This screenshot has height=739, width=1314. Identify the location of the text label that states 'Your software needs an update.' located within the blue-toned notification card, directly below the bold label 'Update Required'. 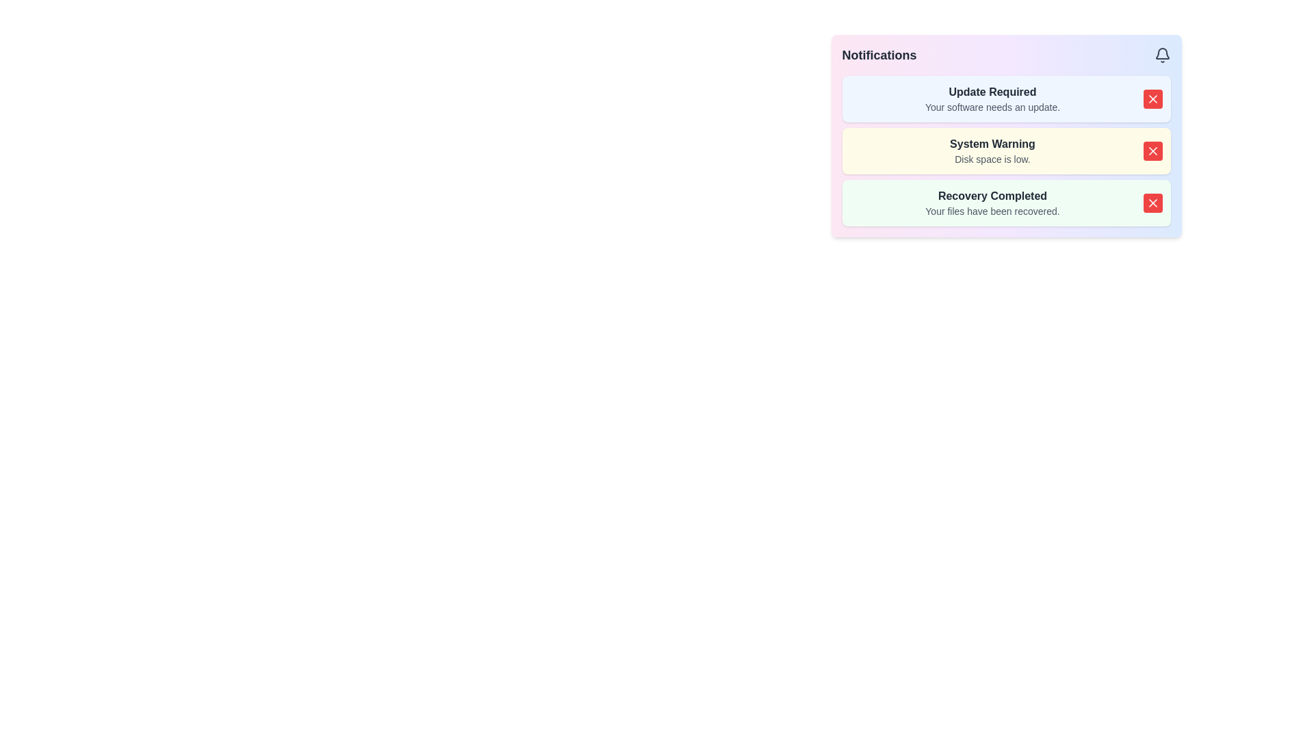
(992, 107).